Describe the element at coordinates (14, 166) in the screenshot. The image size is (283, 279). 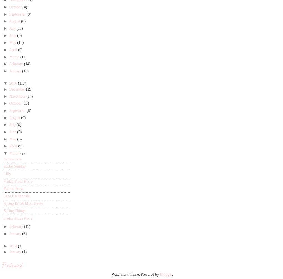
I see `'Easter Sunday'` at that location.